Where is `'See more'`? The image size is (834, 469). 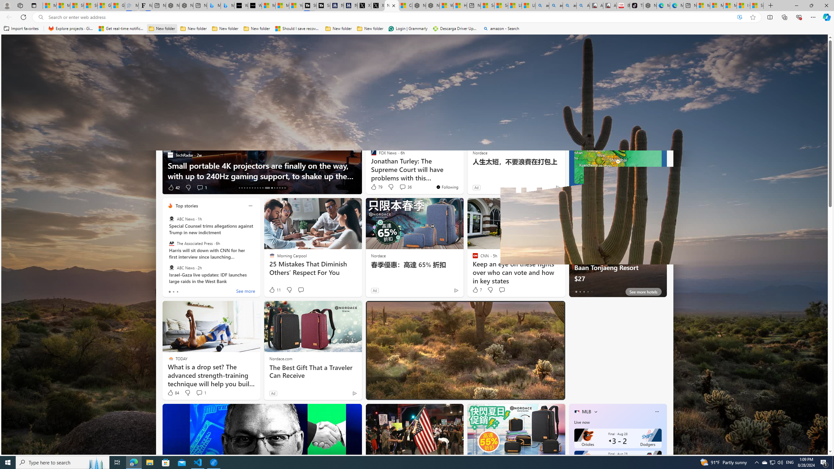
'See more' is located at coordinates (245, 292).